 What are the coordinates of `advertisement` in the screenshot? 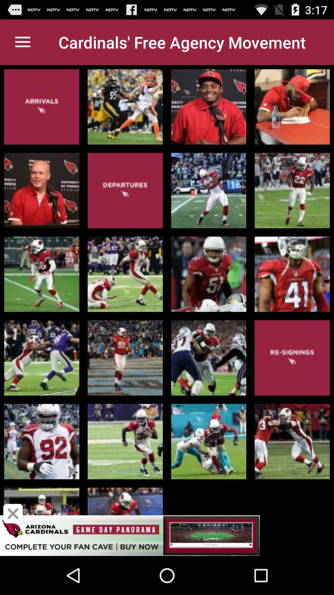 It's located at (167, 535).